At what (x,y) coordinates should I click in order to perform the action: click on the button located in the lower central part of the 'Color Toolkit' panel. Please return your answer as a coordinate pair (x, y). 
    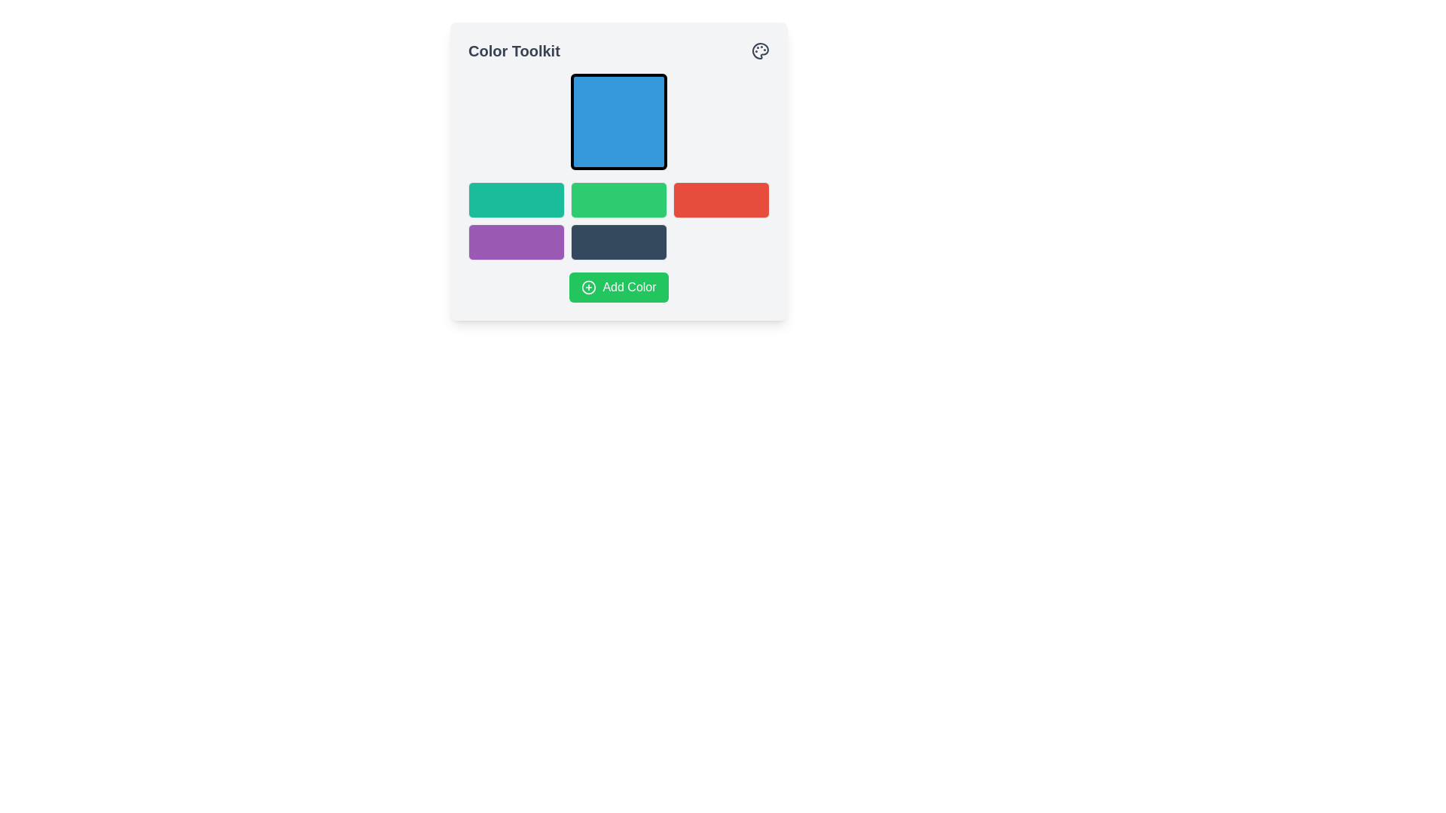
    Looking at the image, I should click on (618, 287).